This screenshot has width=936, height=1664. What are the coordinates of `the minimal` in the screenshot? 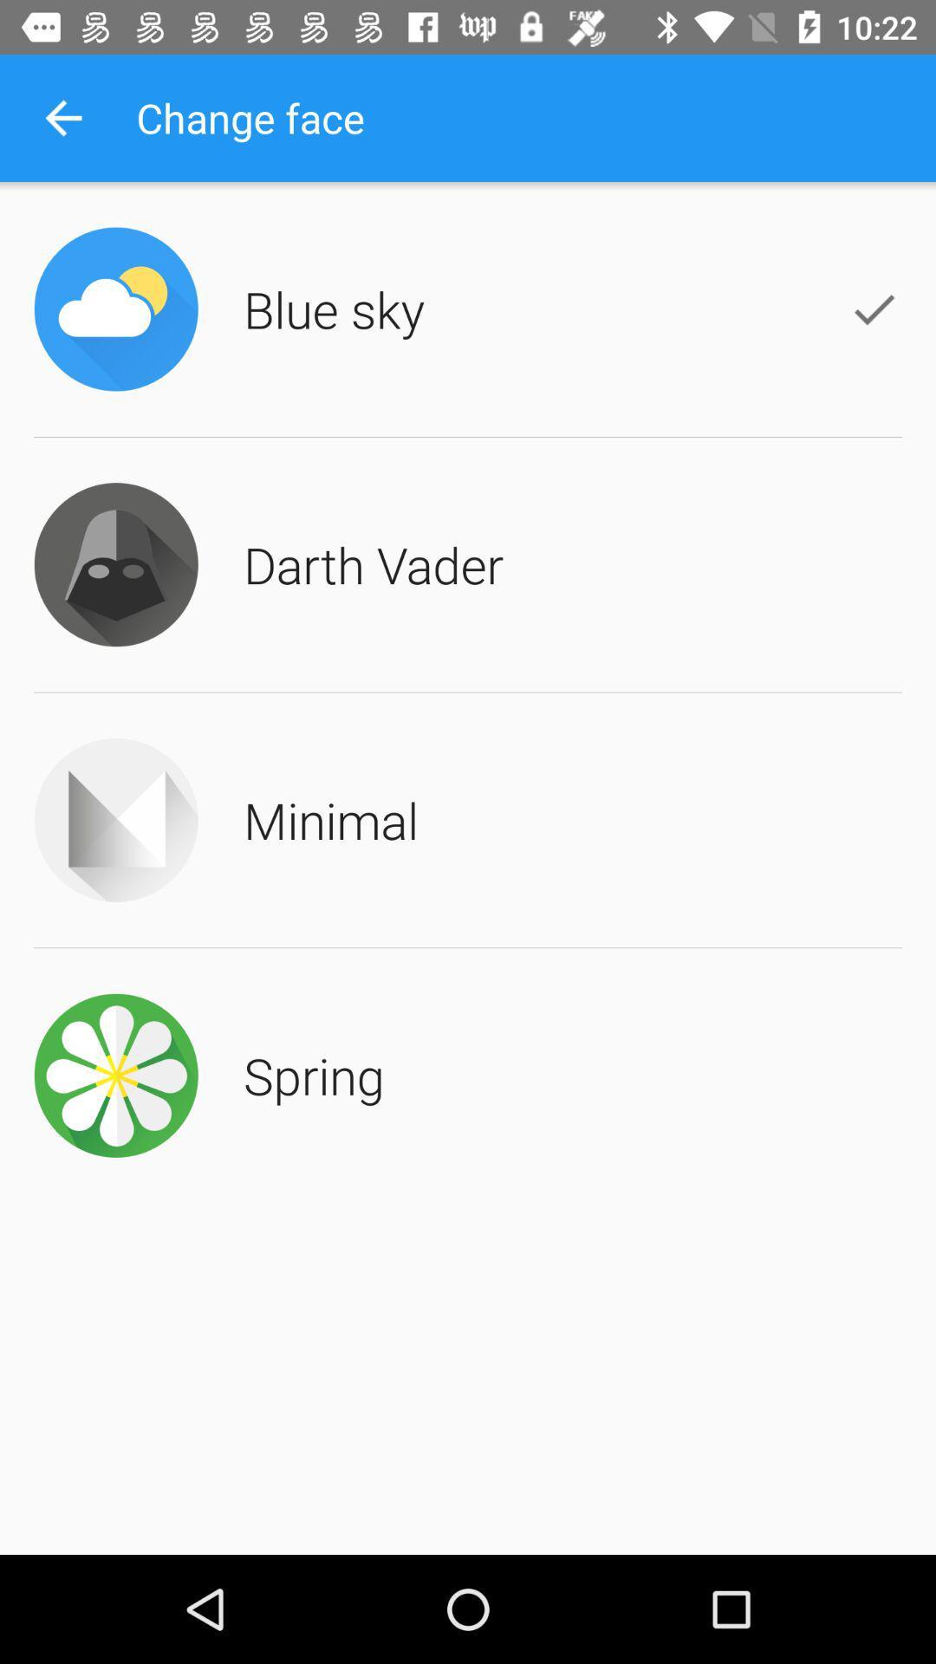 It's located at (331, 819).